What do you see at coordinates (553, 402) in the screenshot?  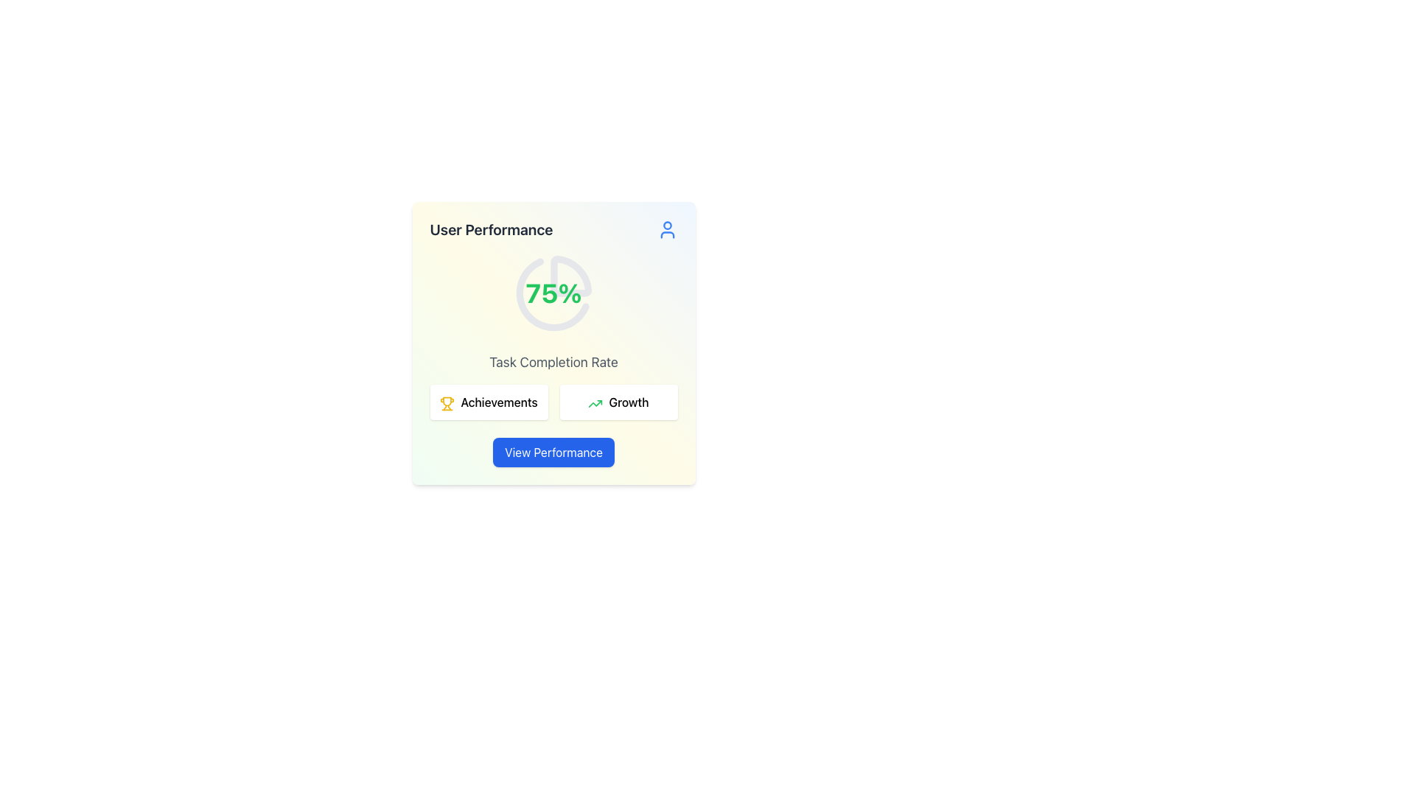 I see `the 'Achievements' and 'Growth' labels in the horizontal section of the 'User Performance' card` at bounding box center [553, 402].